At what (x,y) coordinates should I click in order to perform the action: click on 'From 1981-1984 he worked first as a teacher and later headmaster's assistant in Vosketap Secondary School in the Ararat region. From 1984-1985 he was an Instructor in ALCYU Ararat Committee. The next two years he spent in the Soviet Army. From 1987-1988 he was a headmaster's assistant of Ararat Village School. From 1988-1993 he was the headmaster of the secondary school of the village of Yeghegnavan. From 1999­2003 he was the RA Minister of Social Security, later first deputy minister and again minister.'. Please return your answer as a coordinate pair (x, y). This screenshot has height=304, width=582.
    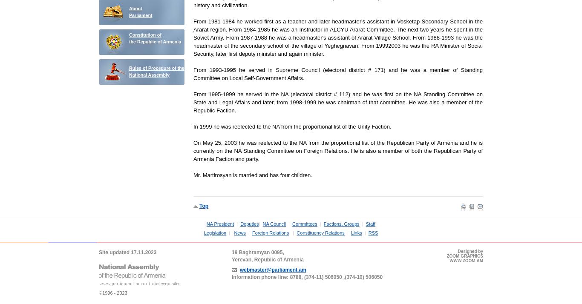
    Looking at the image, I should click on (338, 37).